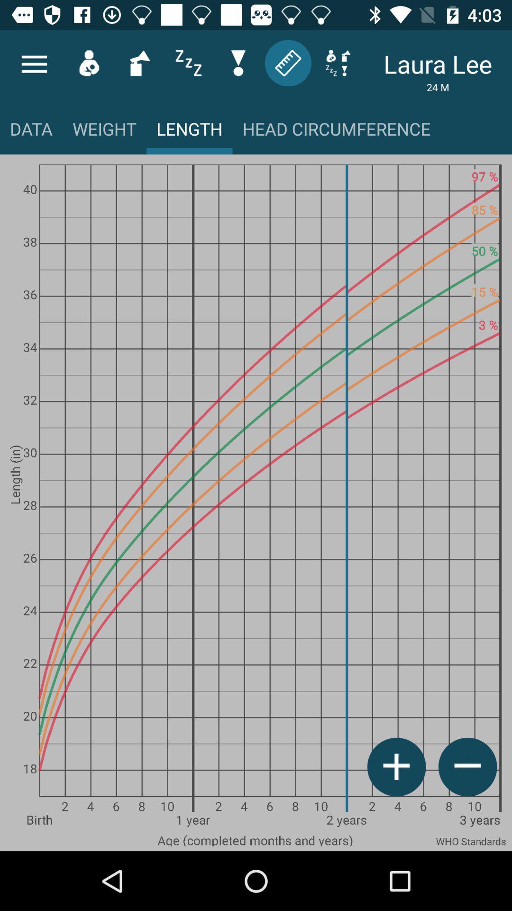 Image resolution: width=512 pixels, height=911 pixels. Describe the element at coordinates (34, 64) in the screenshot. I see `the menu icon` at that location.